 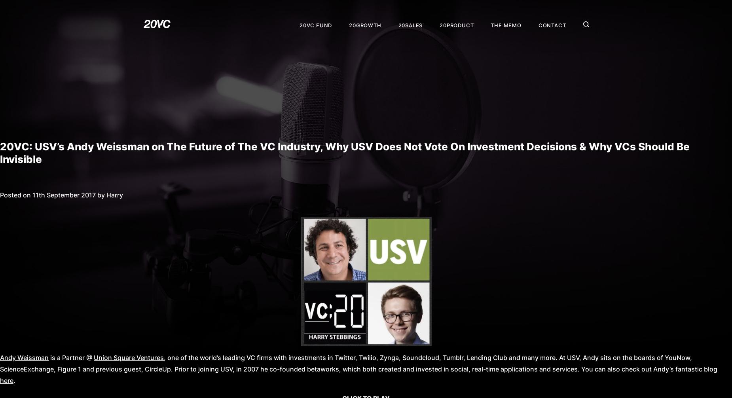 I want to click on '20Product', so click(x=456, y=25).